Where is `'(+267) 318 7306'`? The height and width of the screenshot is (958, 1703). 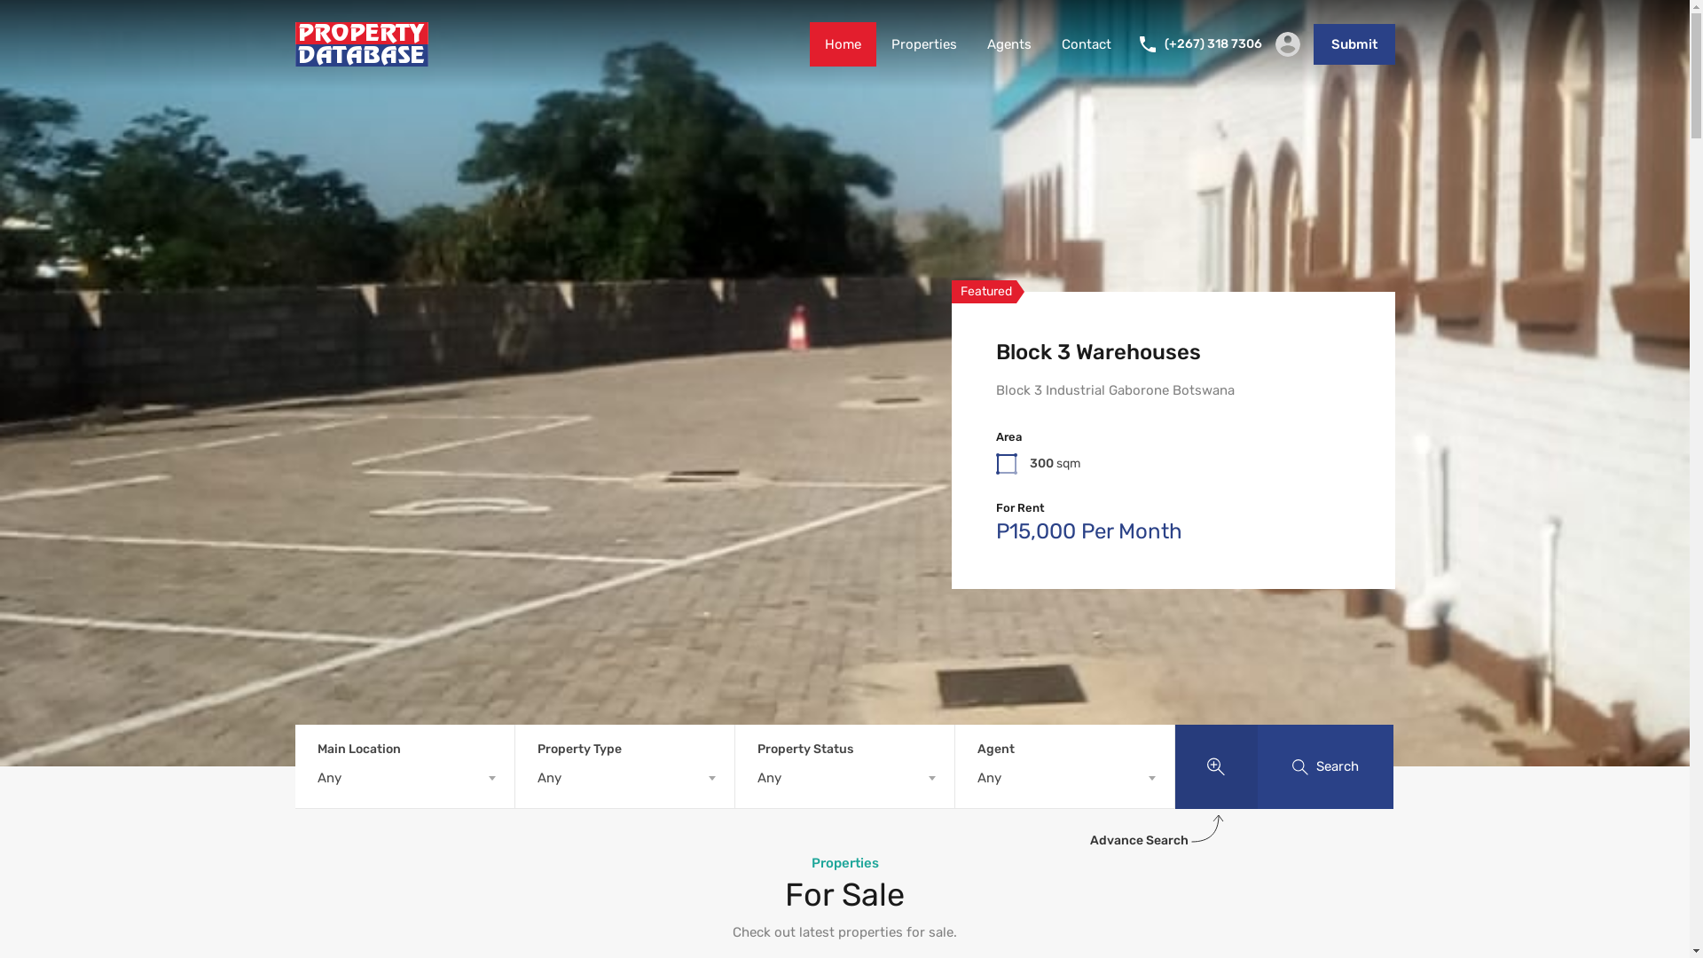 '(+267) 318 7306' is located at coordinates (1212, 43).